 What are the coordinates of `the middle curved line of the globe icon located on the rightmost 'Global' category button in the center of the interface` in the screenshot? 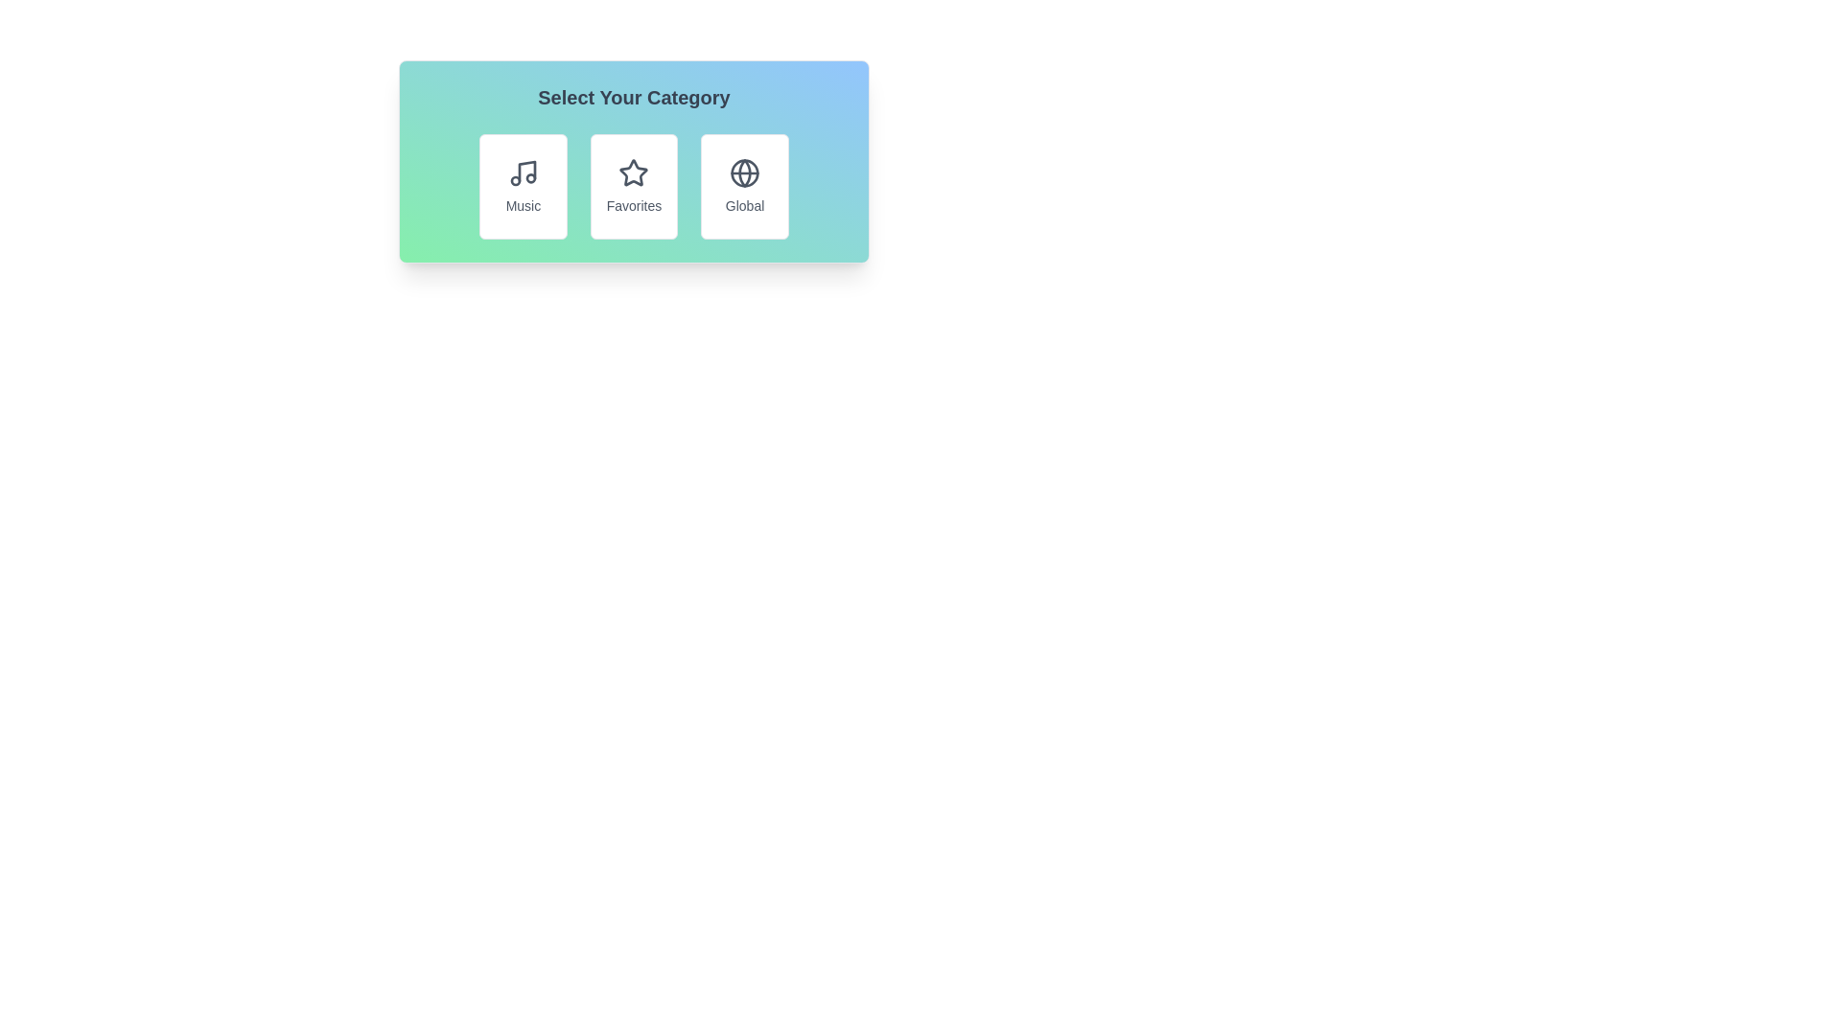 It's located at (744, 173).